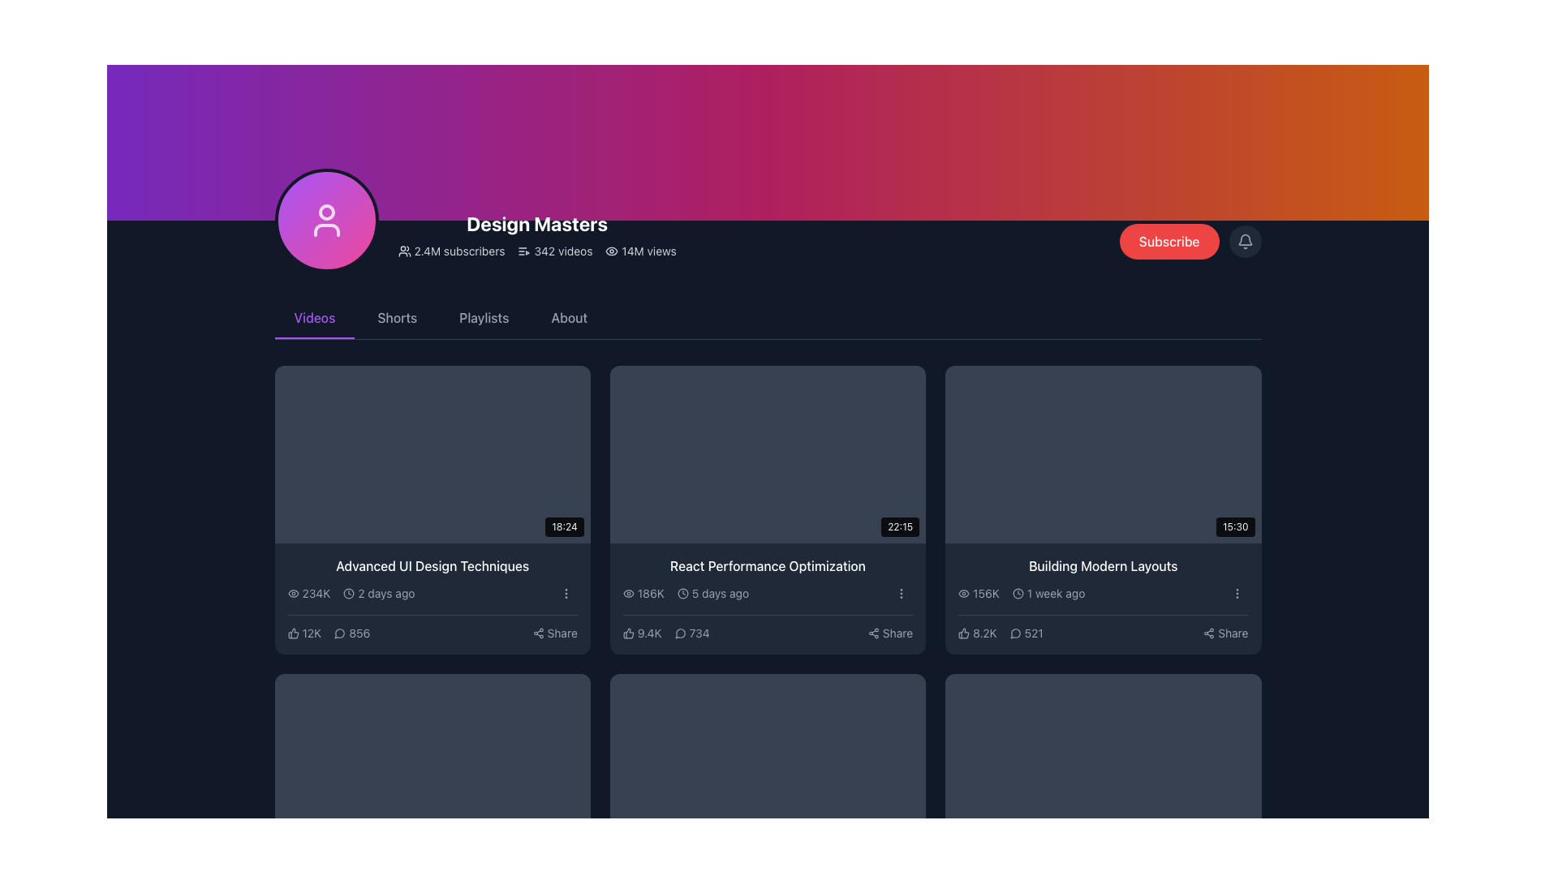  I want to click on the share button located at the bottom-right corner of the video card for 'Building Modern Layouts', so click(1225, 632).